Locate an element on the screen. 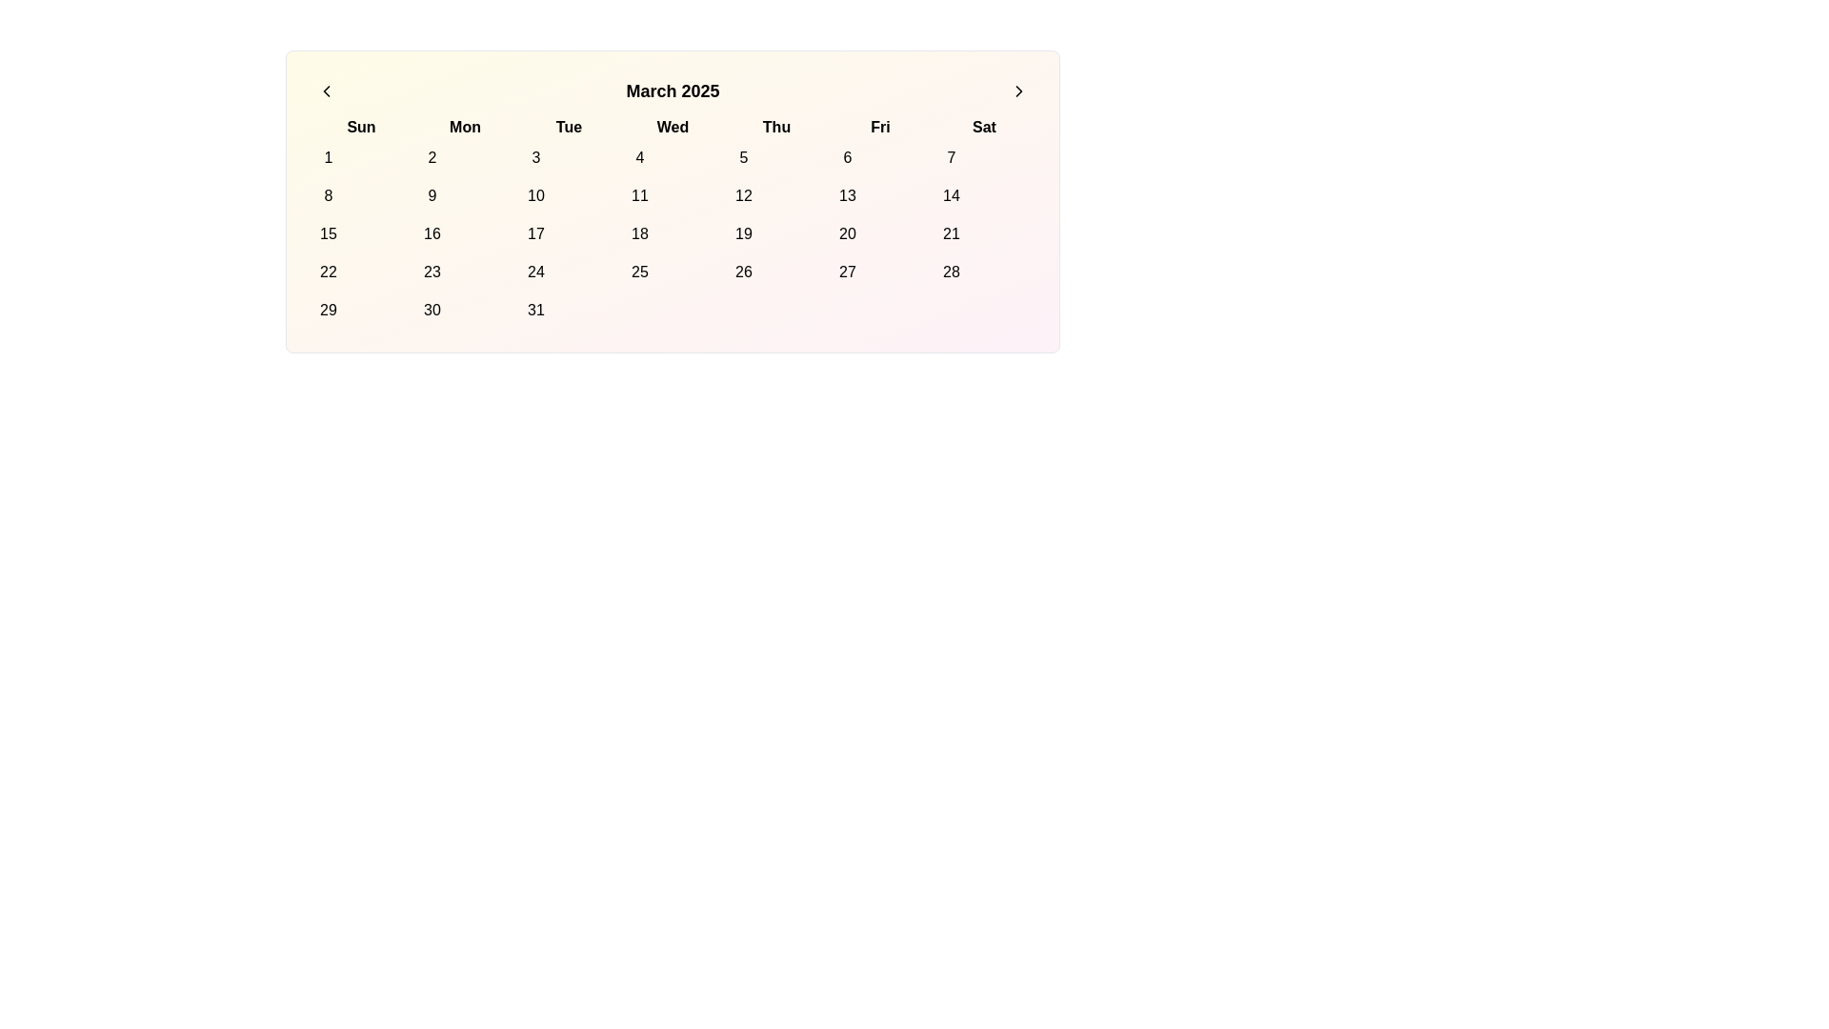 The width and height of the screenshot is (1829, 1029). the Interactive calendar day button representing the 12th day is located at coordinates (743, 195).